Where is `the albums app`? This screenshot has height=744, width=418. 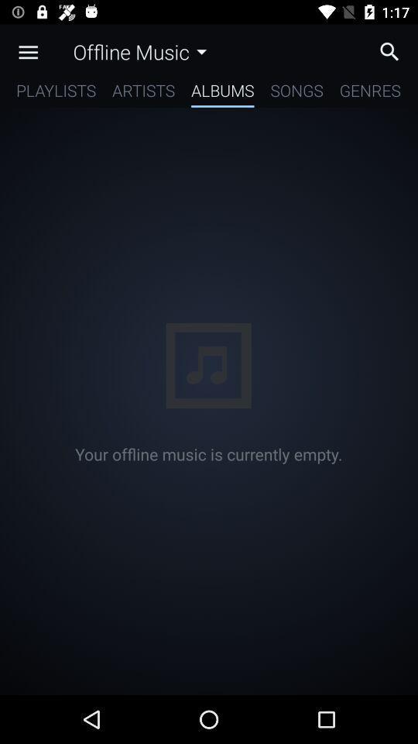
the albums app is located at coordinates (221, 93).